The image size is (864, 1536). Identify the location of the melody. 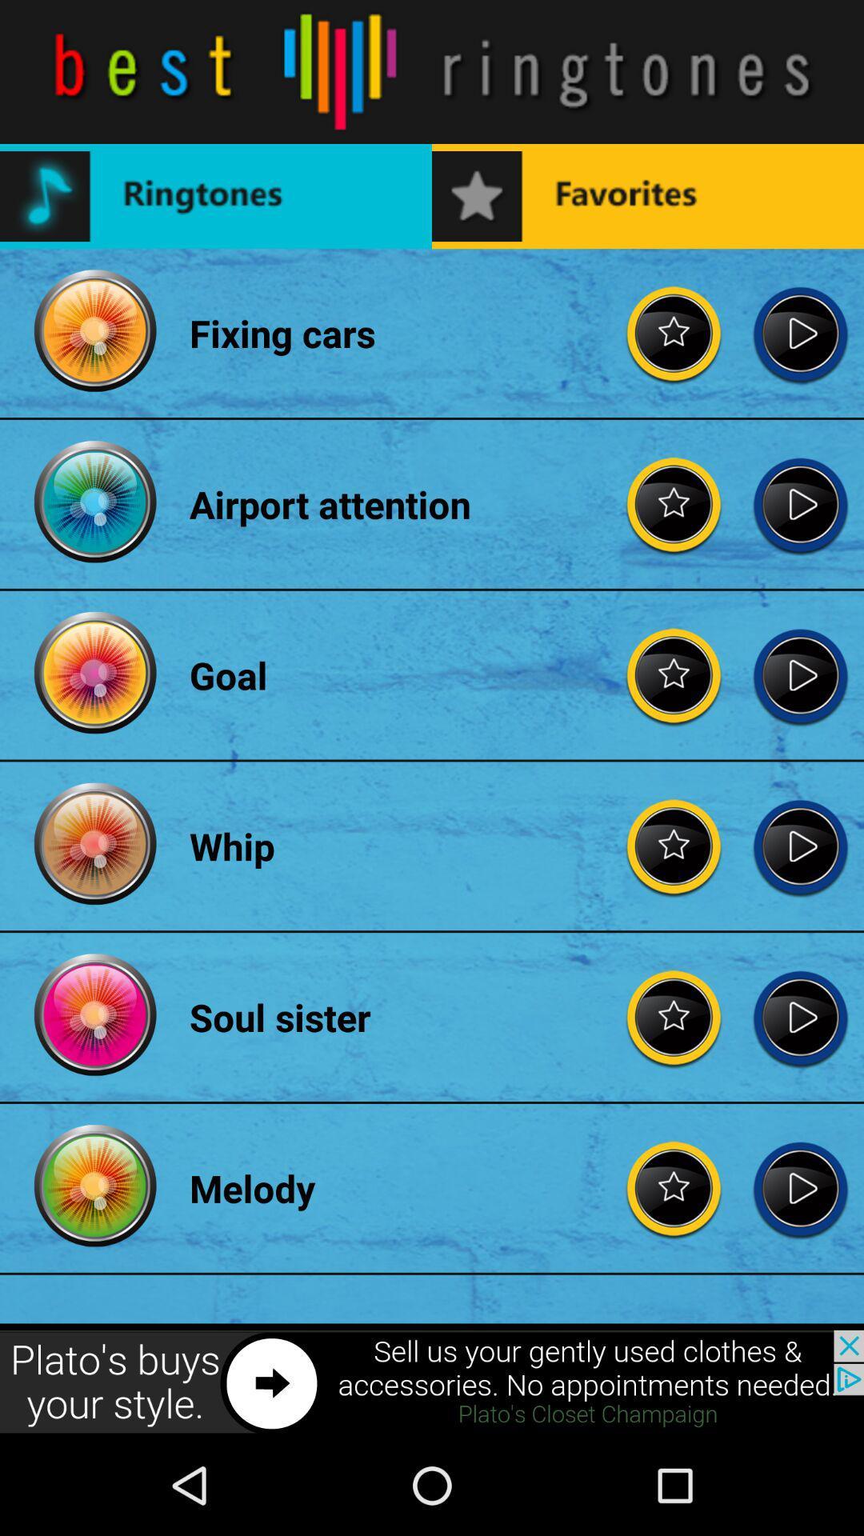
(800, 1188).